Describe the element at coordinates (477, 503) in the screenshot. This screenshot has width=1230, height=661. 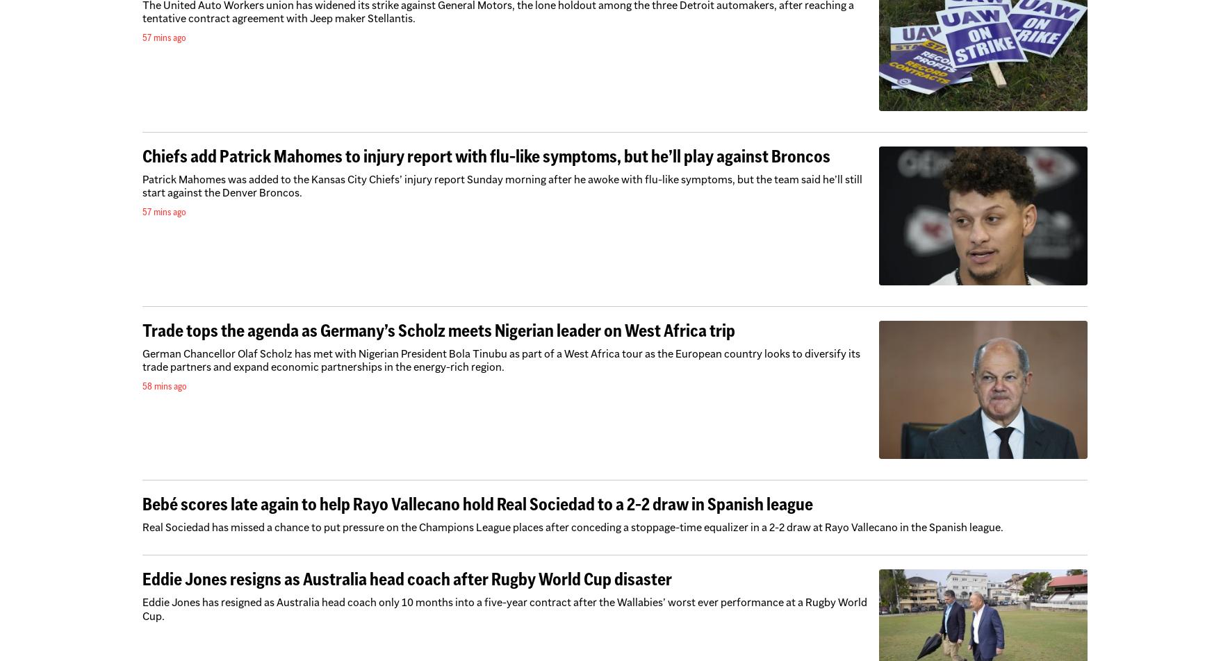
I see `'Bebé scores late again to help Rayo Vallecano hold Real Sociedad to a 2-2 draw in Spanish league'` at that location.